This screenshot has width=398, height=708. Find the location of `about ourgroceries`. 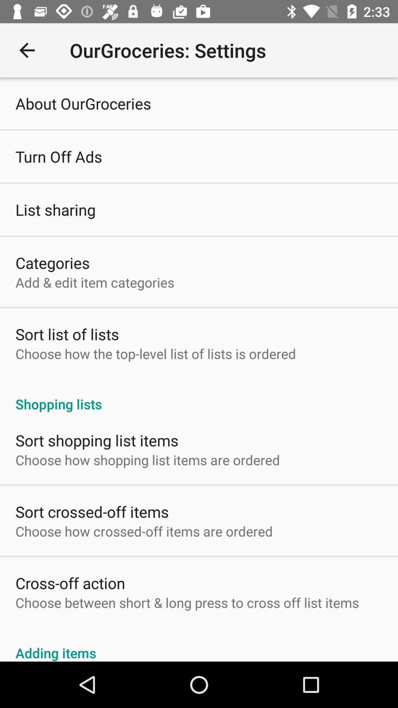

about ourgroceries is located at coordinates (83, 103).